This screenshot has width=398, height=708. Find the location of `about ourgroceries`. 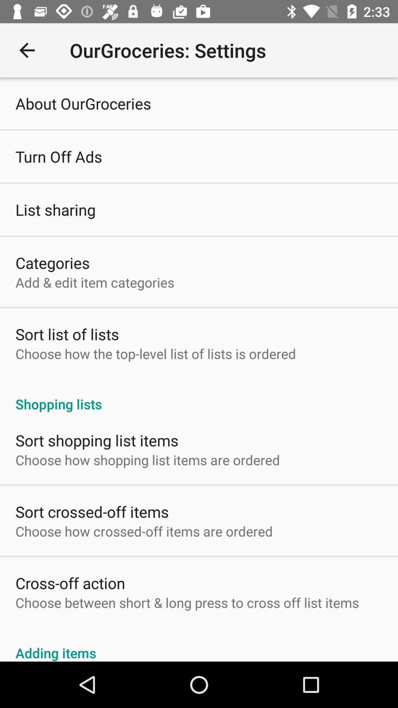

about ourgroceries is located at coordinates (83, 103).